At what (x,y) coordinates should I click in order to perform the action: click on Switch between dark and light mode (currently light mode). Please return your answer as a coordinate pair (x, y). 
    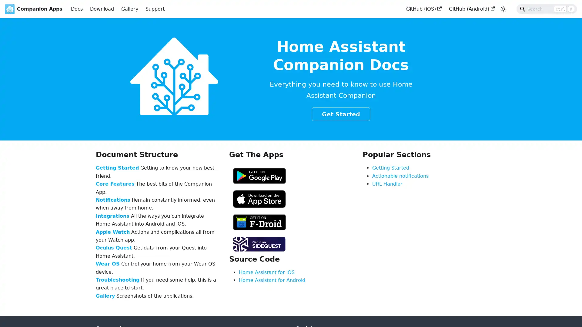
    Looking at the image, I should click on (503, 9).